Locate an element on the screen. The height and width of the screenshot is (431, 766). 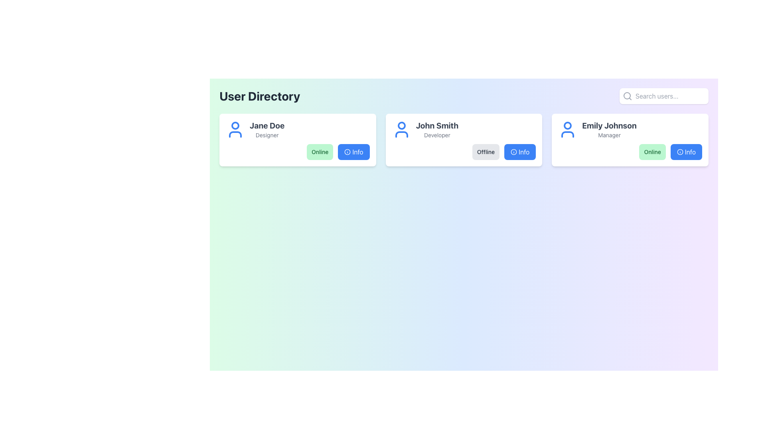
text label displaying 'Designer' located beneath 'Jane Doe' in the user information card at the top-left corner of the interface is located at coordinates (267, 135).